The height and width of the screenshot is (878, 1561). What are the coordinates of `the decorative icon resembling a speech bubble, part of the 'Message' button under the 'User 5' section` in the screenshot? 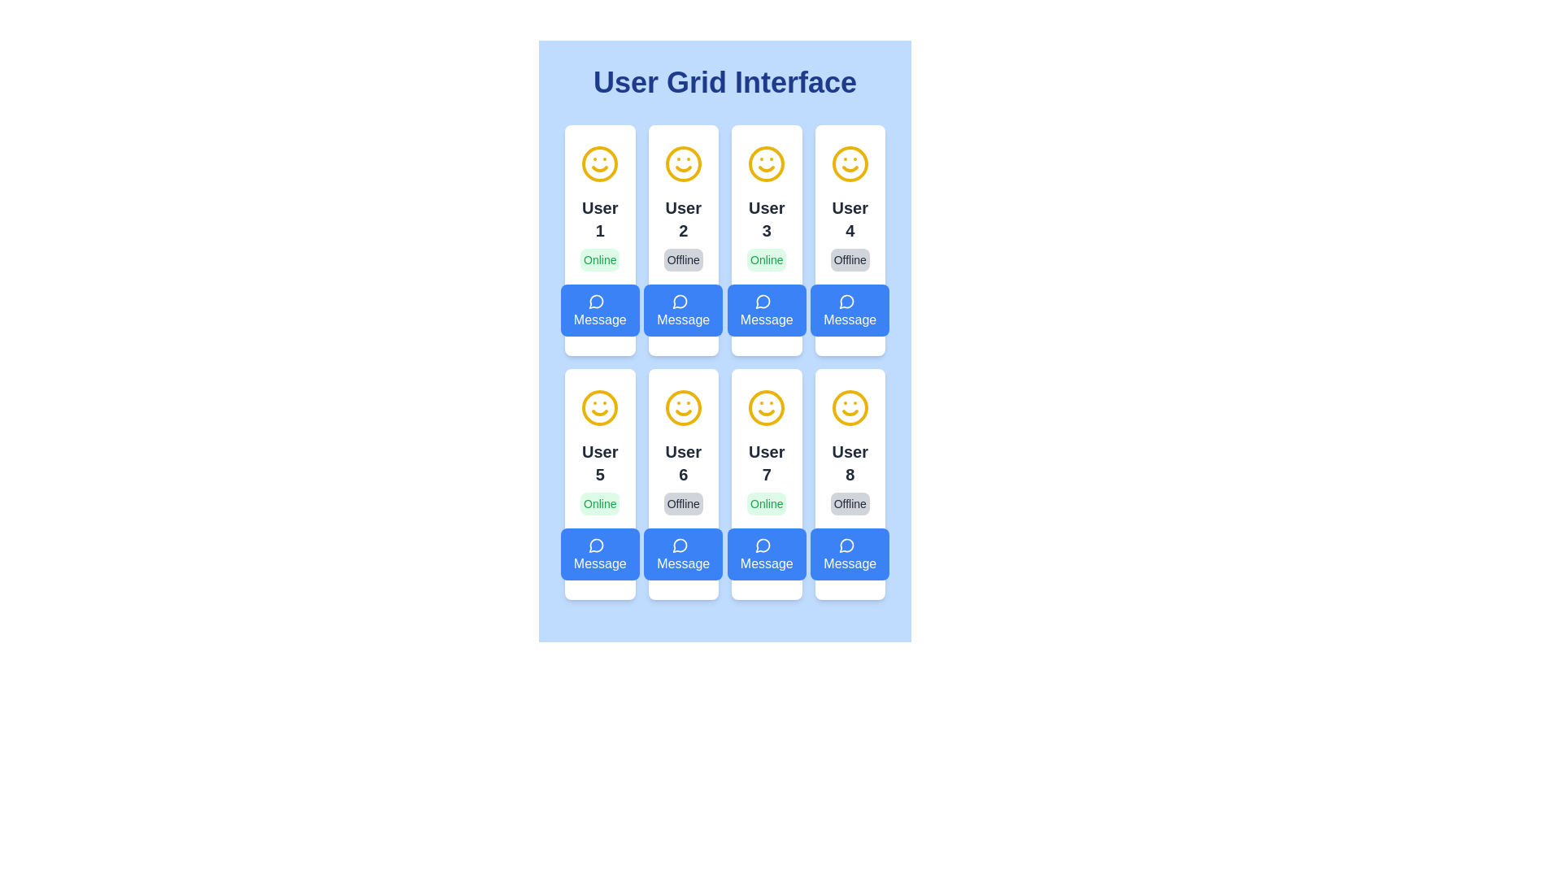 It's located at (595, 545).